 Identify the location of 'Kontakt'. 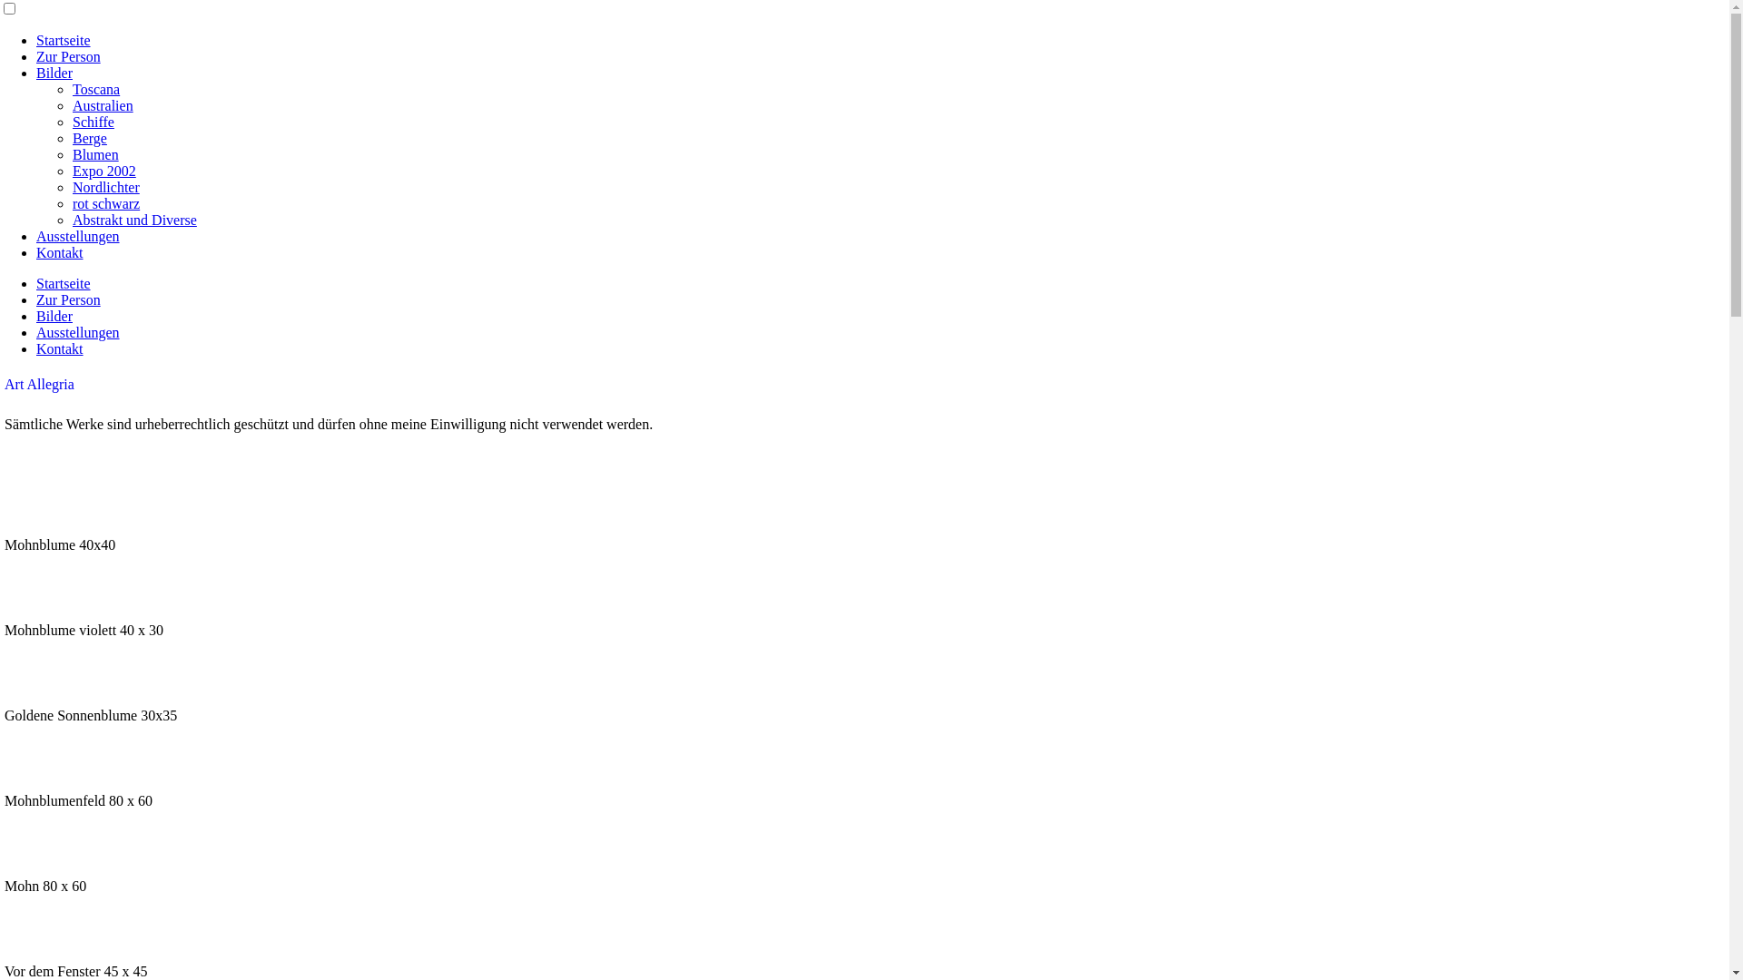
(60, 252).